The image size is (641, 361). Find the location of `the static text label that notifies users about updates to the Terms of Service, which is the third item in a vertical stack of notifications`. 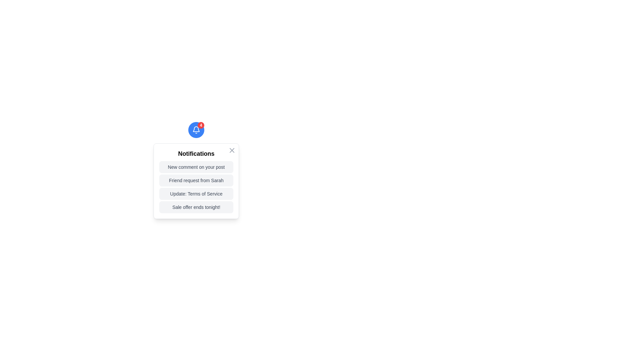

the static text label that notifies users about updates to the Terms of Service, which is the third item in a vertical stack of notifications is located at coordinates (196, 194).